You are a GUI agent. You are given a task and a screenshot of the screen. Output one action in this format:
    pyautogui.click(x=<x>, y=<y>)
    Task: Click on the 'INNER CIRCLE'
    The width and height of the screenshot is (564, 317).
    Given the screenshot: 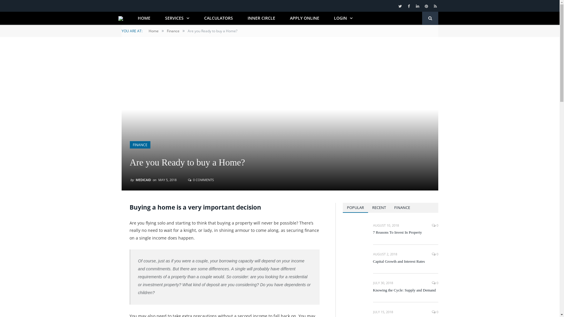 What is the action you would take?
    pyautogui.click(x=261, y=18)
    